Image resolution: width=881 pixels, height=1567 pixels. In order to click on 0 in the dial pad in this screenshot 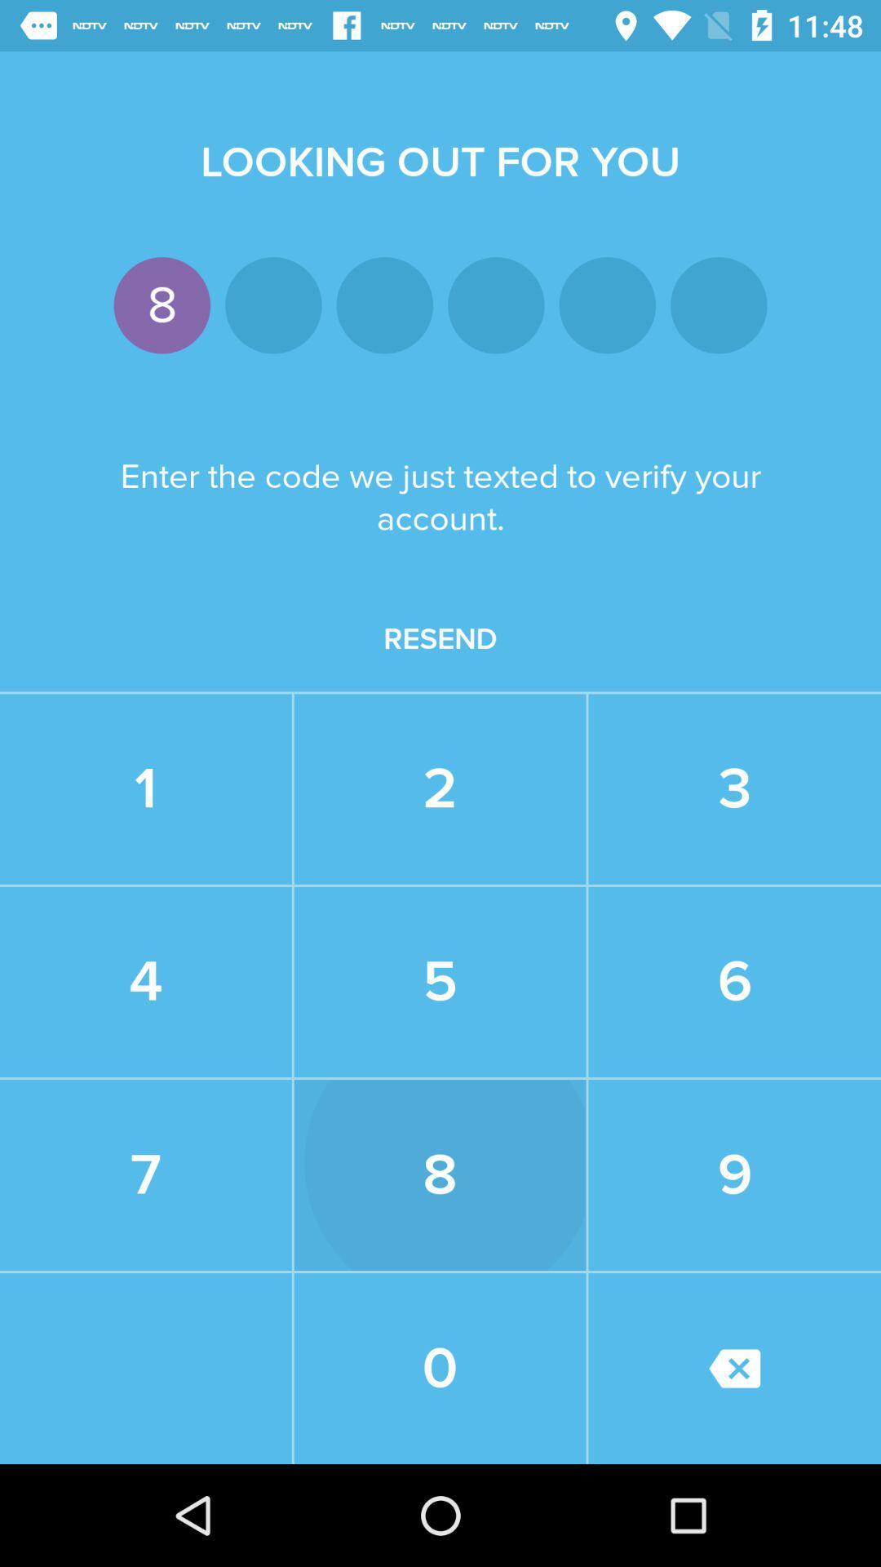, I will do `click(440, 1368)`.